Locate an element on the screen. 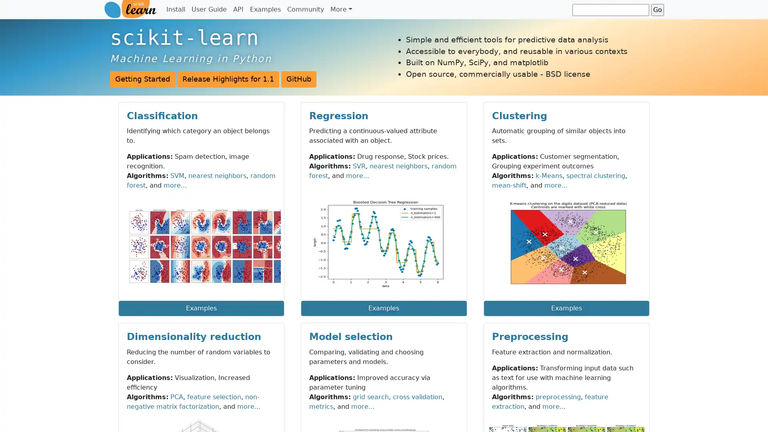 The height and width of the screenshot is (432, 768). Release Highlights for 1.1 is located at coordinates (228, 79).